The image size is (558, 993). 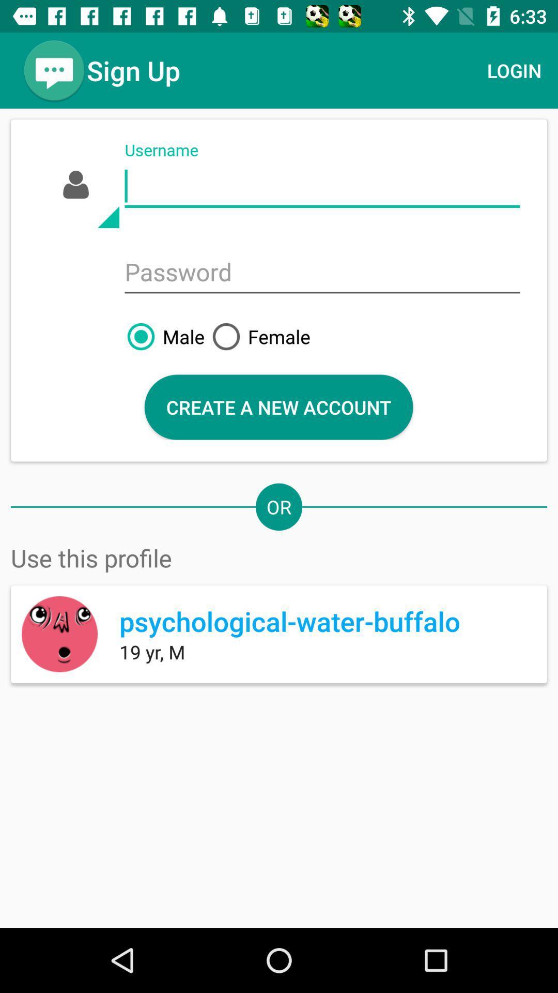 What do you see at coordinates (322, 273) in the screenshot?
I see `password field` at bounding box center [322, 273].